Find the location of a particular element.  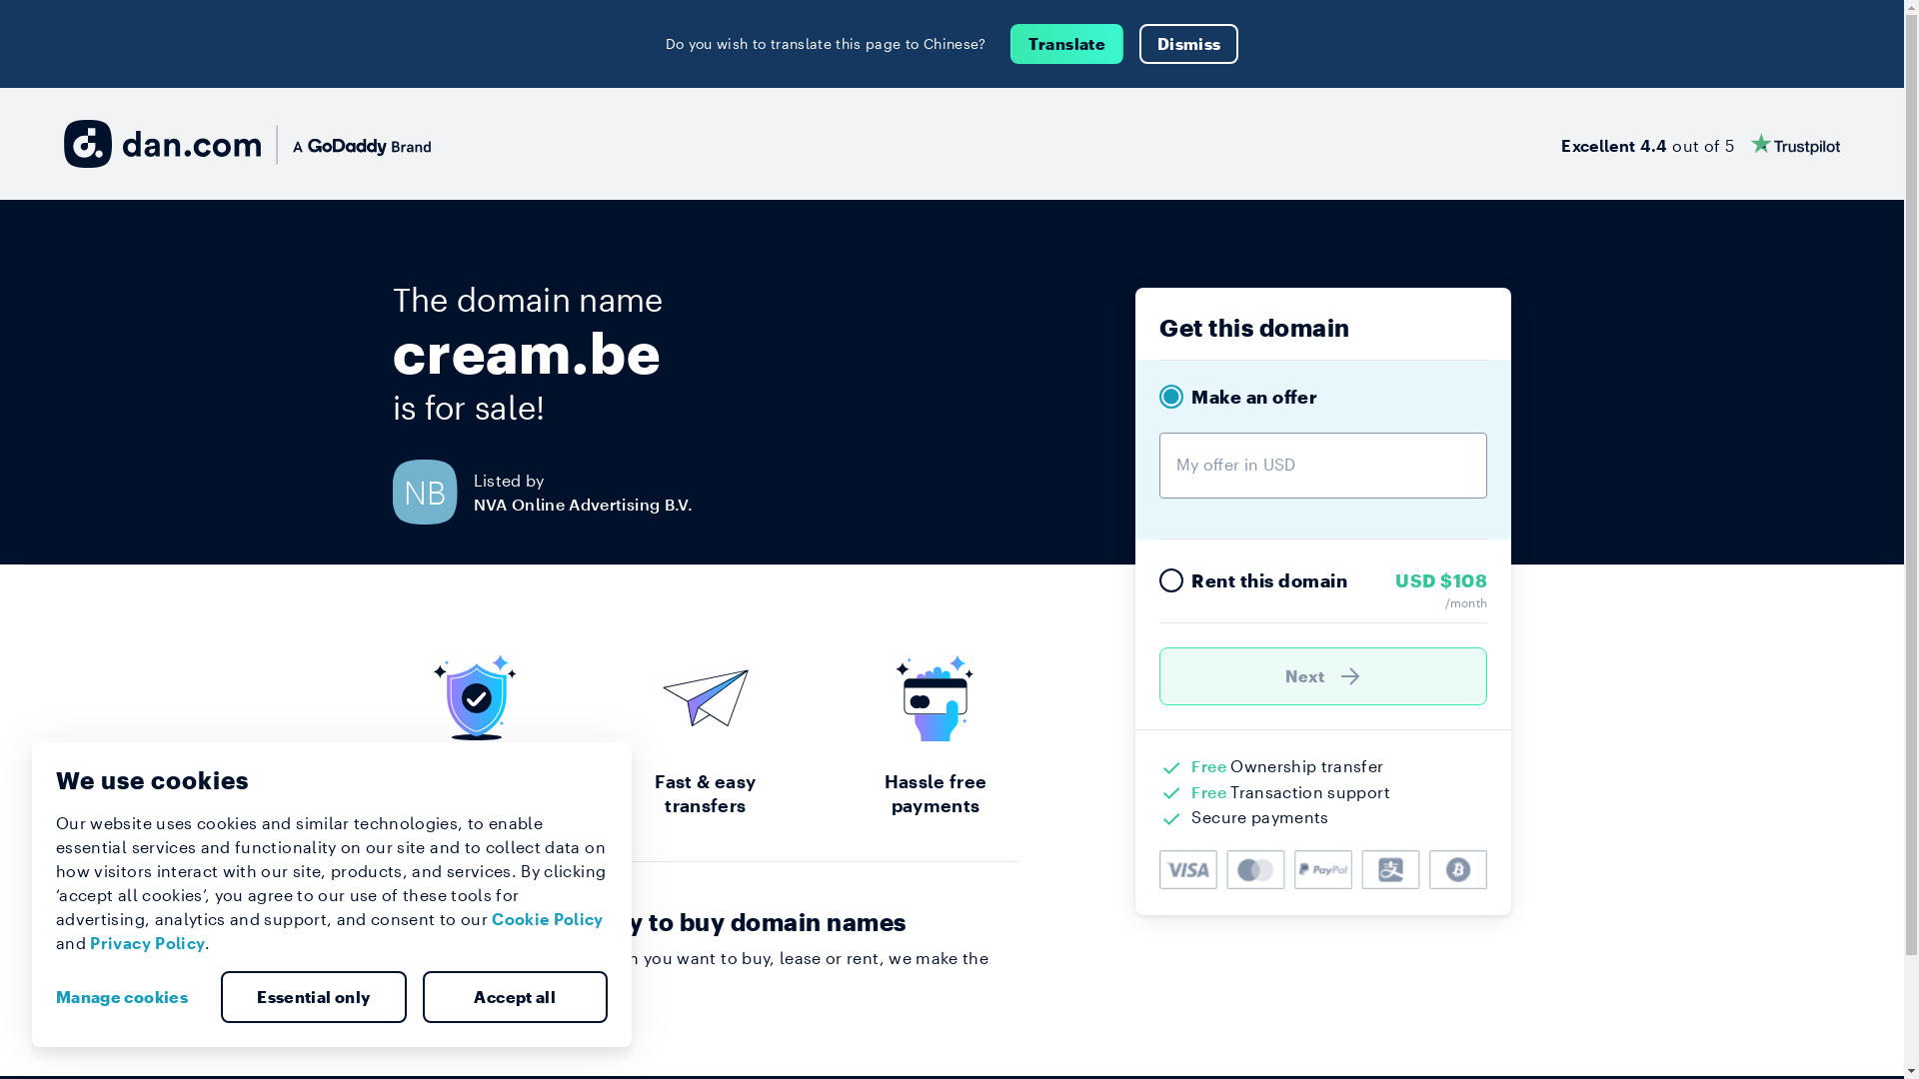

'Privacy Policy' is located at coordinates (146, 942).